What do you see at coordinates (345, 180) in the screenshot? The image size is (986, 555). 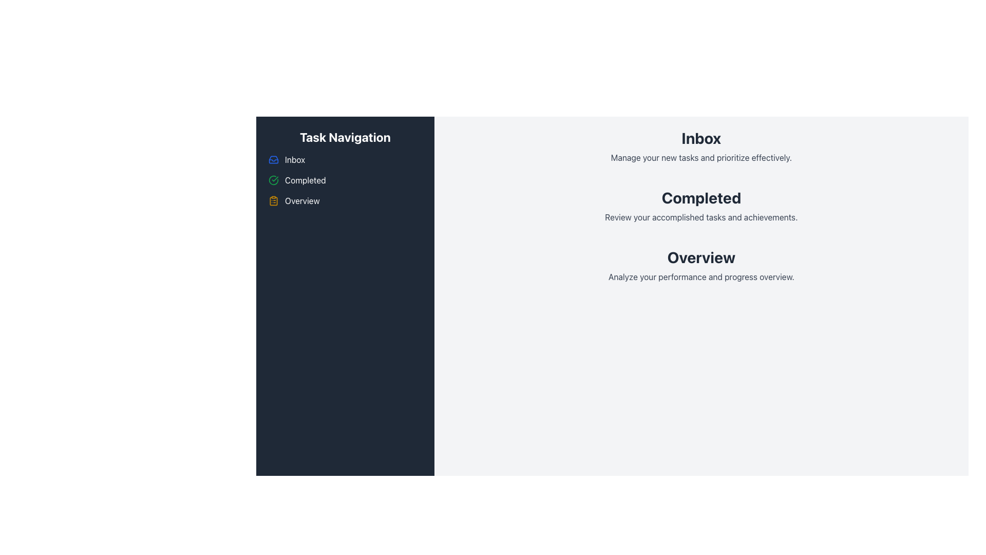 I see `the 'Completed' navigation link in the Task Navigation sidebar` at bounding box center [345, 180].